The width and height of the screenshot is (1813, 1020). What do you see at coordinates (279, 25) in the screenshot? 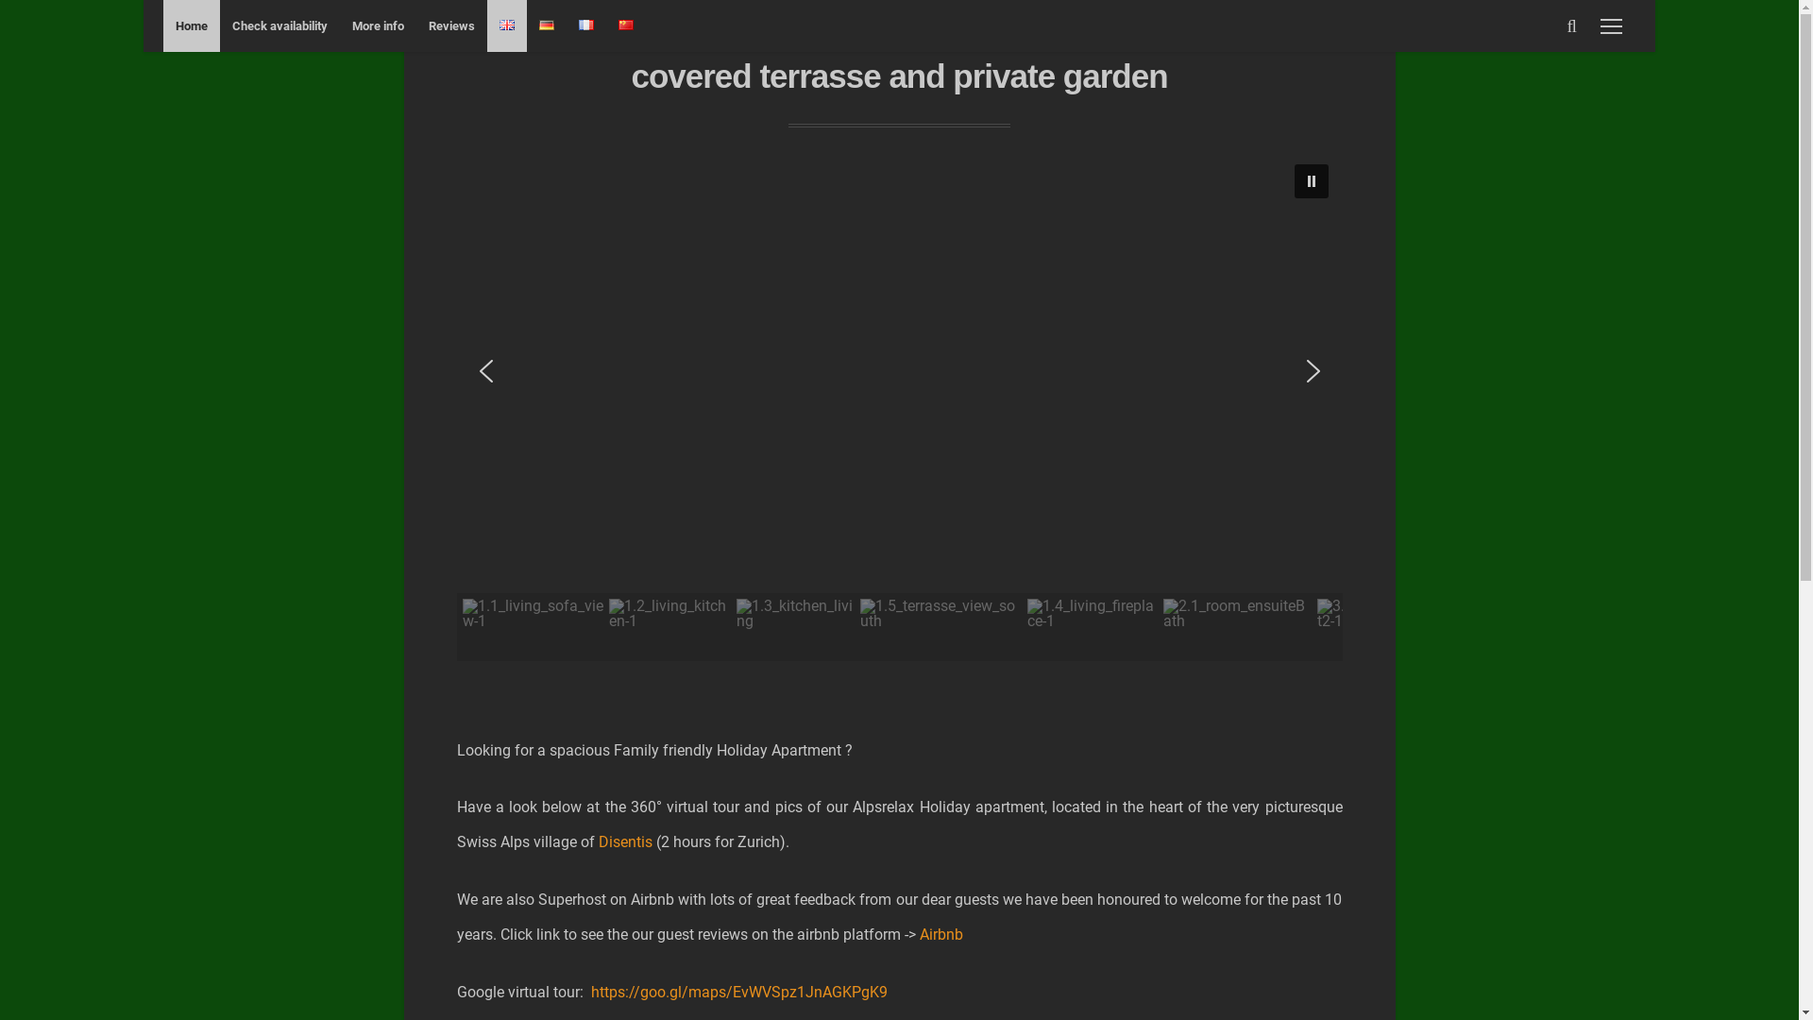
I see `'Check availability'` at bounding box center [279, 25].